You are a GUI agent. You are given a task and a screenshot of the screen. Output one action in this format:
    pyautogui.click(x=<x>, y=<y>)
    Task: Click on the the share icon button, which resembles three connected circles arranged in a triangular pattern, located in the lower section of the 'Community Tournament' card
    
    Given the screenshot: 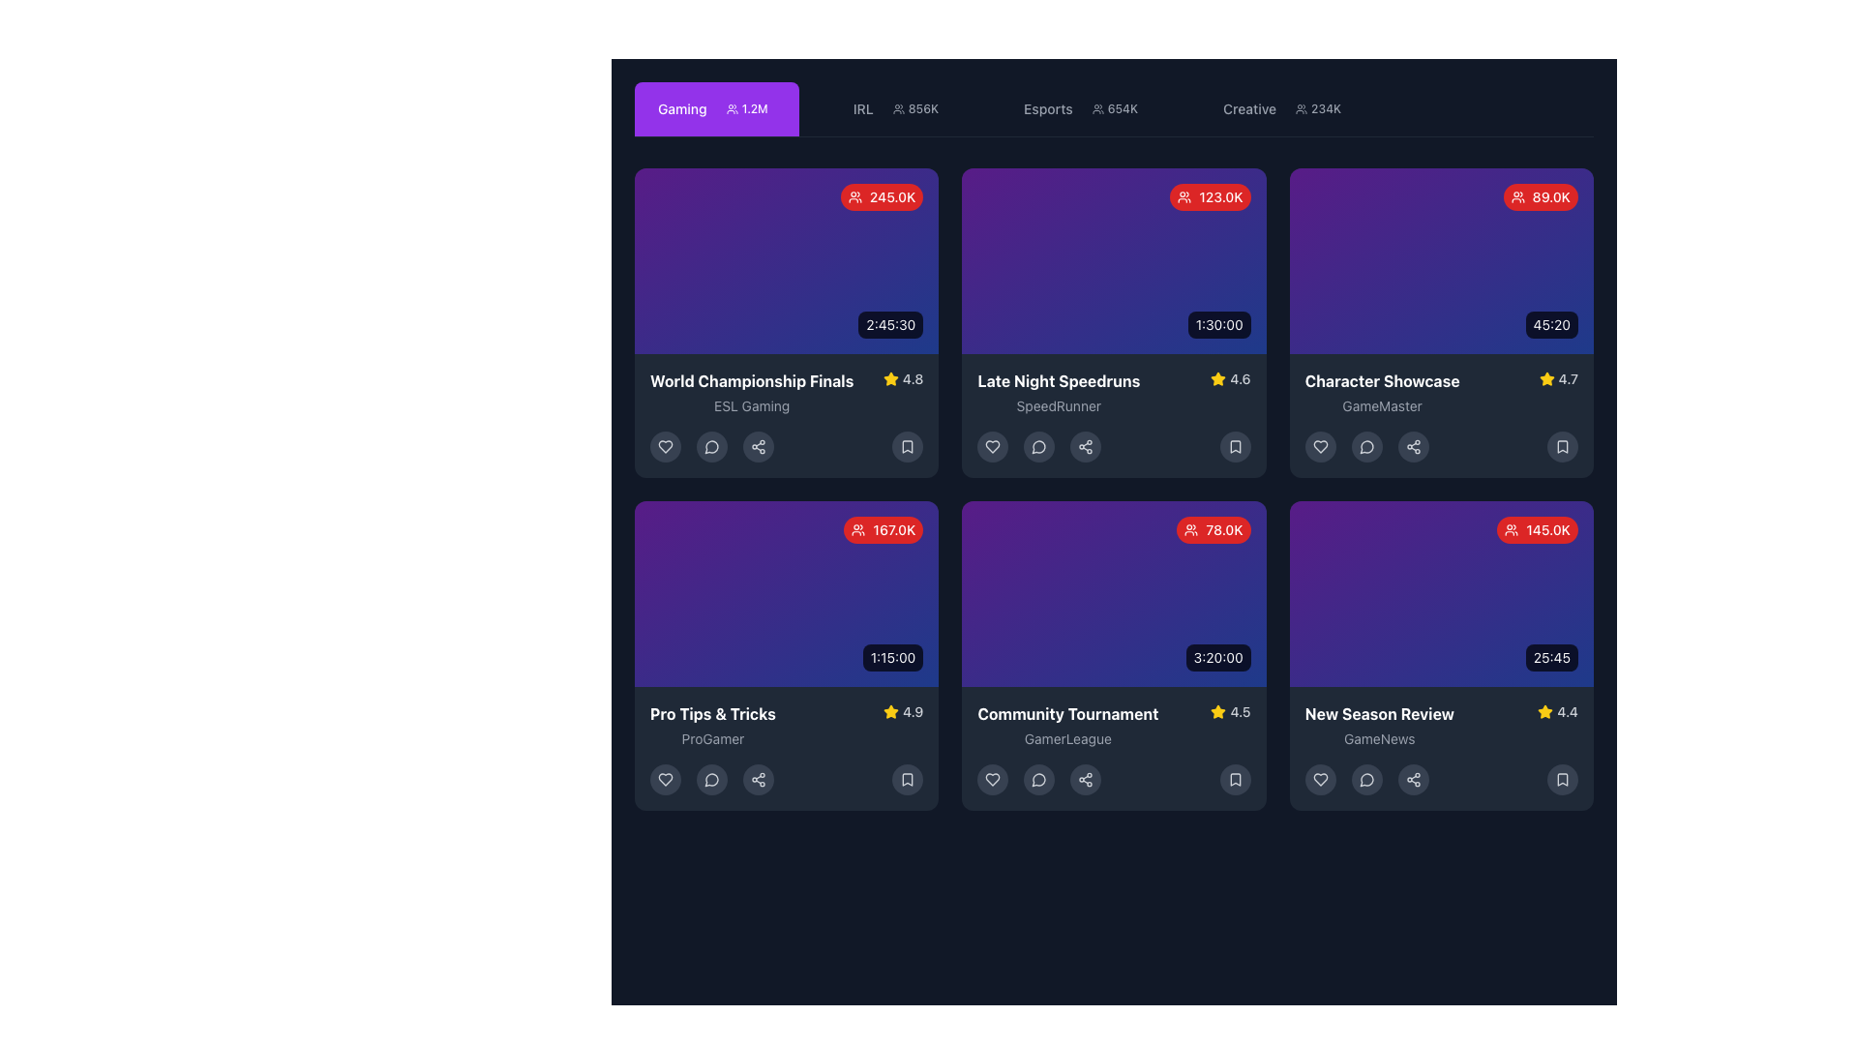 What is the action you would take?
    pyautogui.click(x=1086, y=779)
    